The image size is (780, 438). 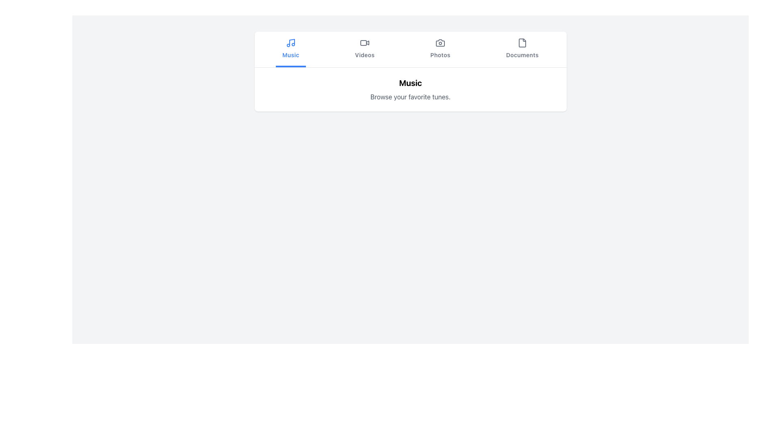 I want to click on the 'Photos' icon in the navigation bar, which is the third tab from the left, positioned between the 'Videos' and 'Documents' tabs, so click(x=440, y=43).